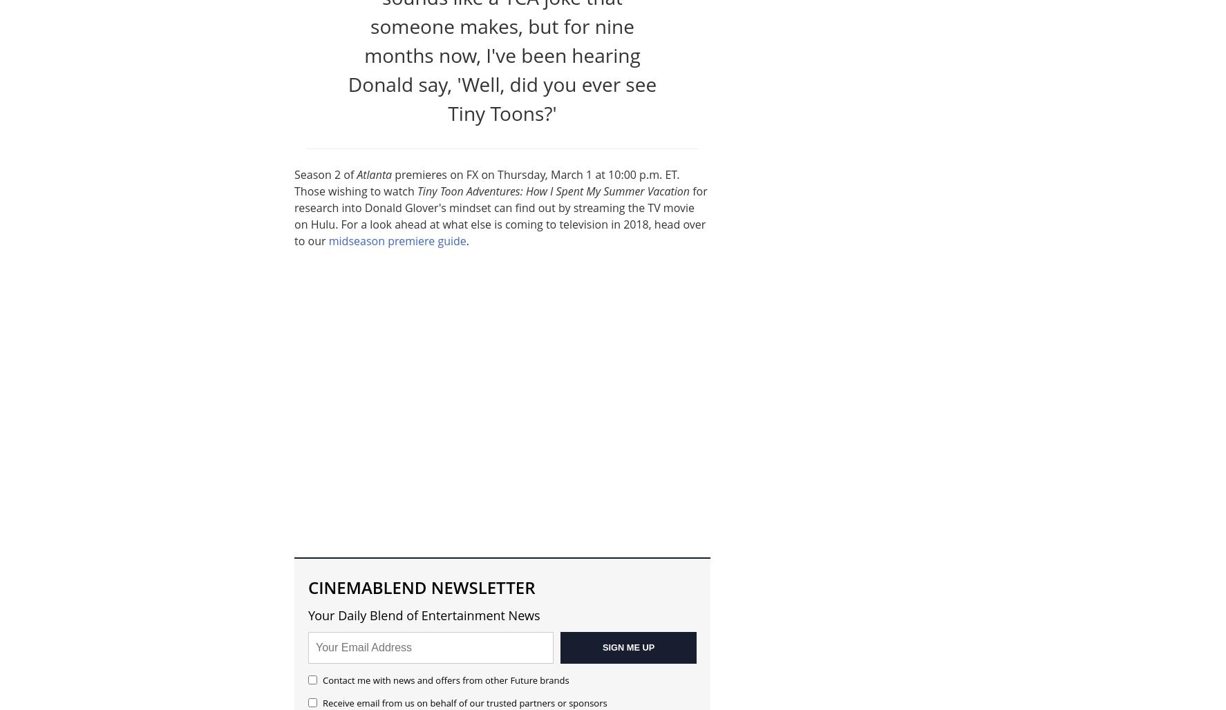 This screenshot has height=710, width=1226. I want to click on 'CINEMABLEND NEWSLETTER', so click(308, 586).